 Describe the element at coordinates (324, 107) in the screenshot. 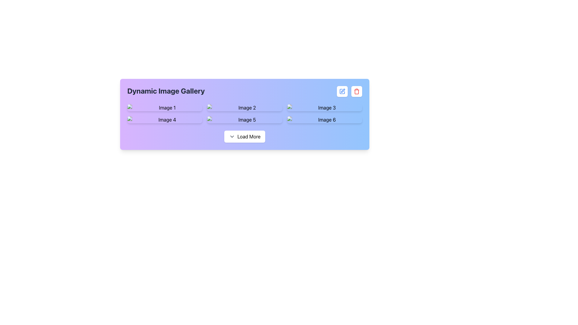

I see `the placeholder for 'Image 3'` at that location.